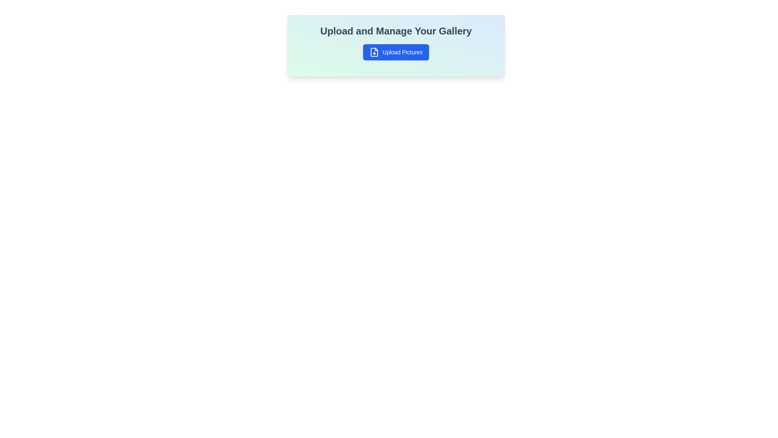 The width and height of the screenshot is (778, 438). What do you see at coordinates (374, 52) in the screenshot?
I see `the SVG icon resembling a document with a plus sign, which indicates an addition action, located within the 'Upload Pictures' button` at bounding box center [374, 52].